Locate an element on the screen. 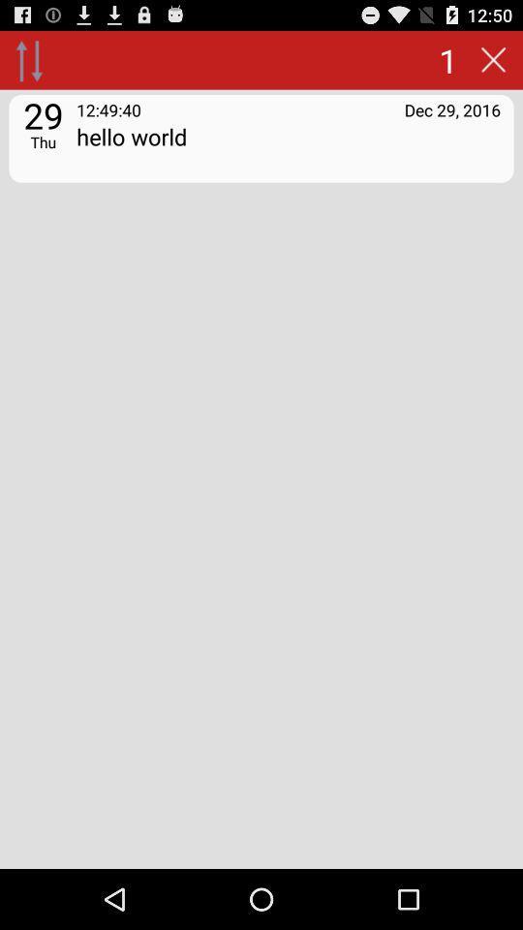 This screenshot has width=523, height=930. item above hello world is located at coordinates (452, 109).